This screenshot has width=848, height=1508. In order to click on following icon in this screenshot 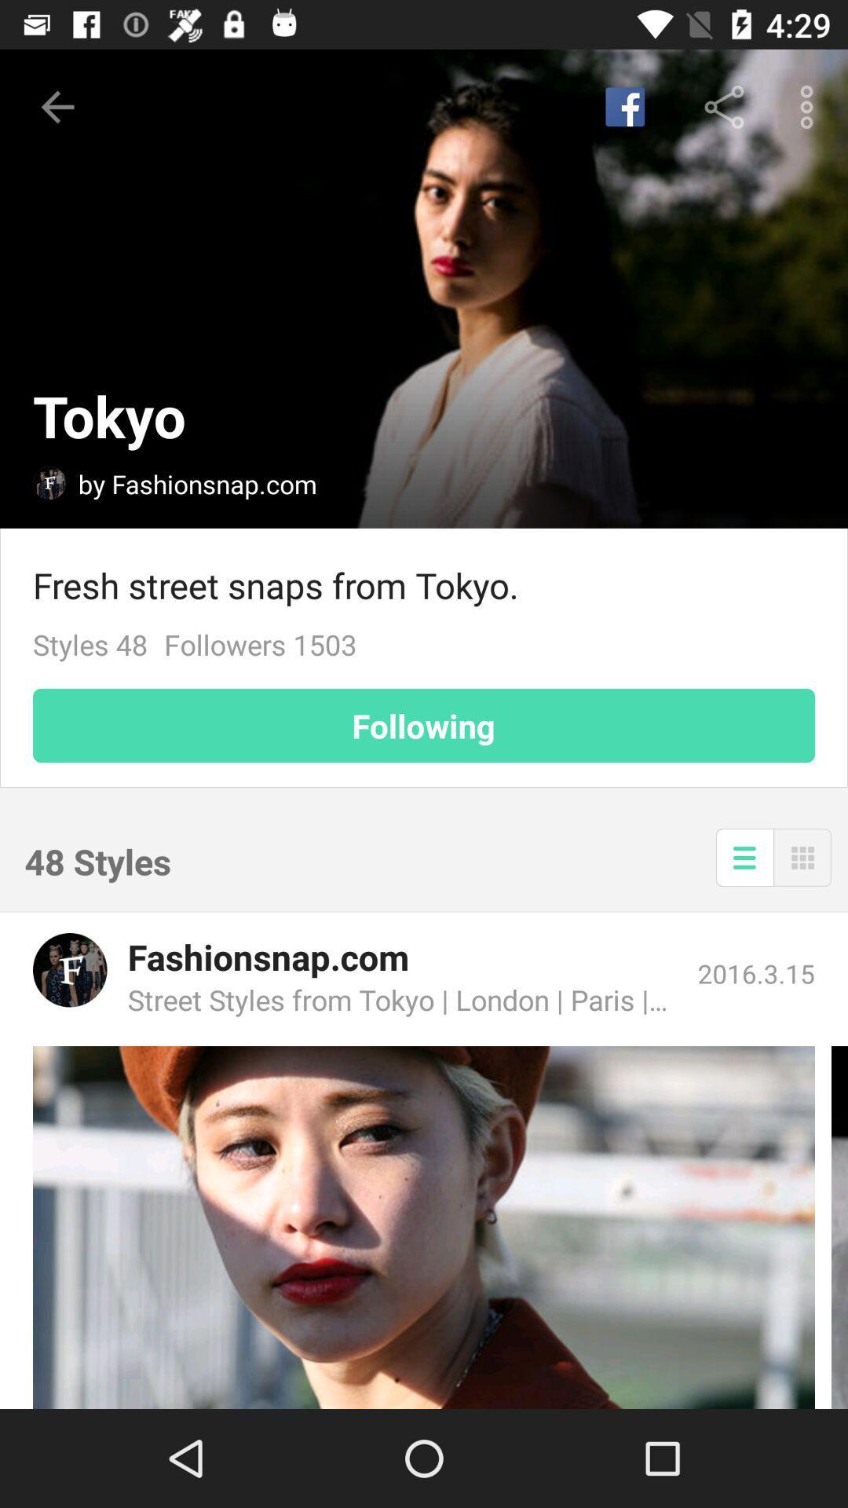, I will do `click(424, 725)`.